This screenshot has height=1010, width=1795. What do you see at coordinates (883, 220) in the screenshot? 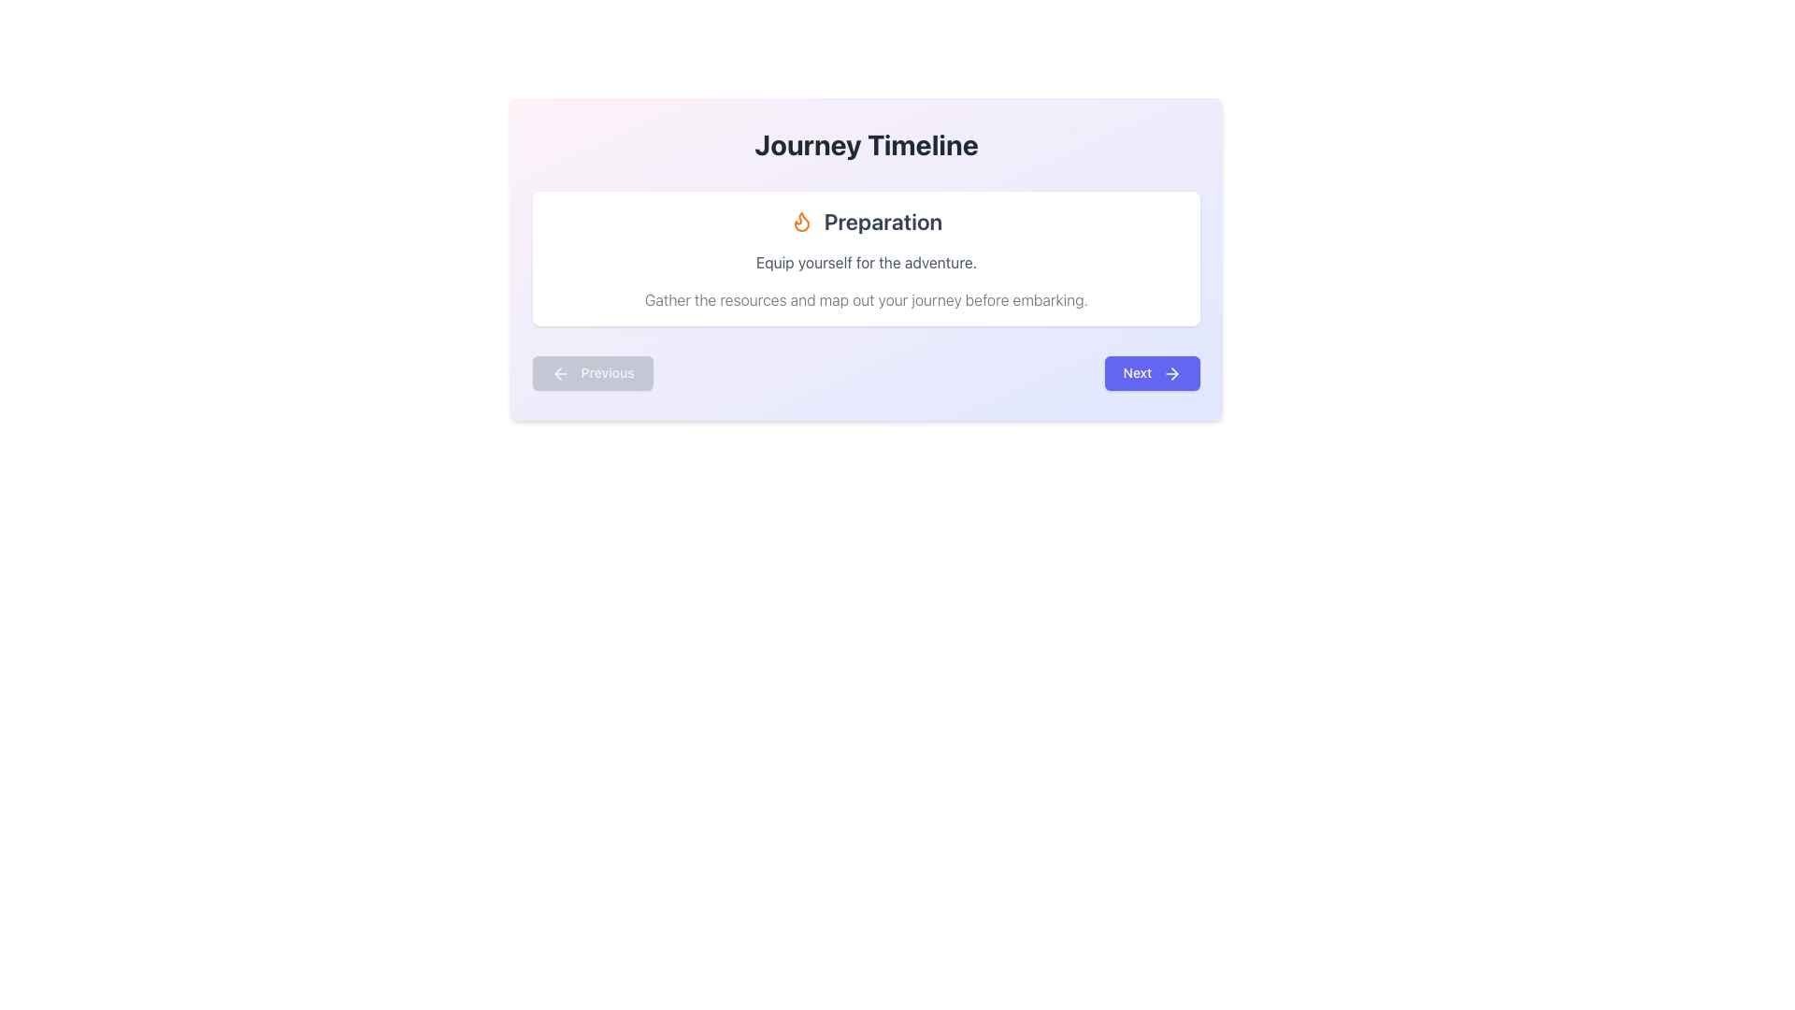
I see `the text label titled 'Preparation', which is centrally located beneath the 'Journey Timeline' heading and serves as a section title` at bounding box center [883, 220].